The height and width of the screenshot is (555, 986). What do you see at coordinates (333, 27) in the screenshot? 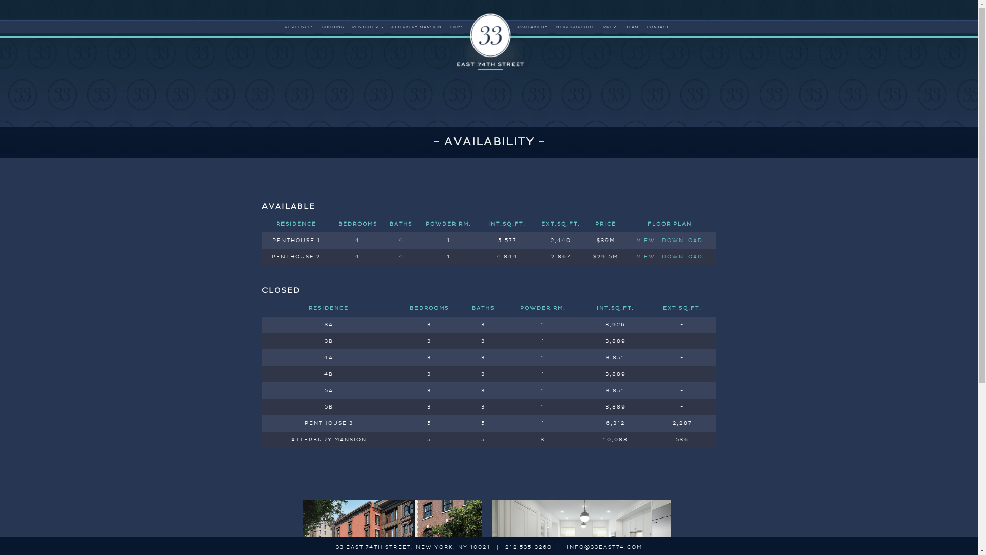
I see `'BUILDING'` at bounding box center [333, 27].